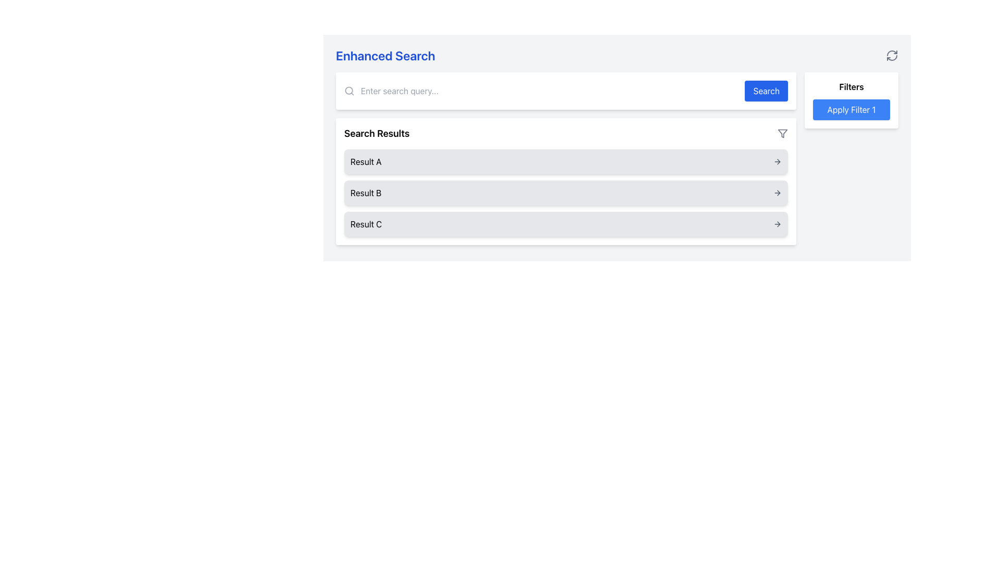 The image size is (1000, 562). I want to click on the refresh icon located in the top-right corner of the interface, next to the title 'Enhanced Search', to reload the current view or reset the page, so click(892, 56).